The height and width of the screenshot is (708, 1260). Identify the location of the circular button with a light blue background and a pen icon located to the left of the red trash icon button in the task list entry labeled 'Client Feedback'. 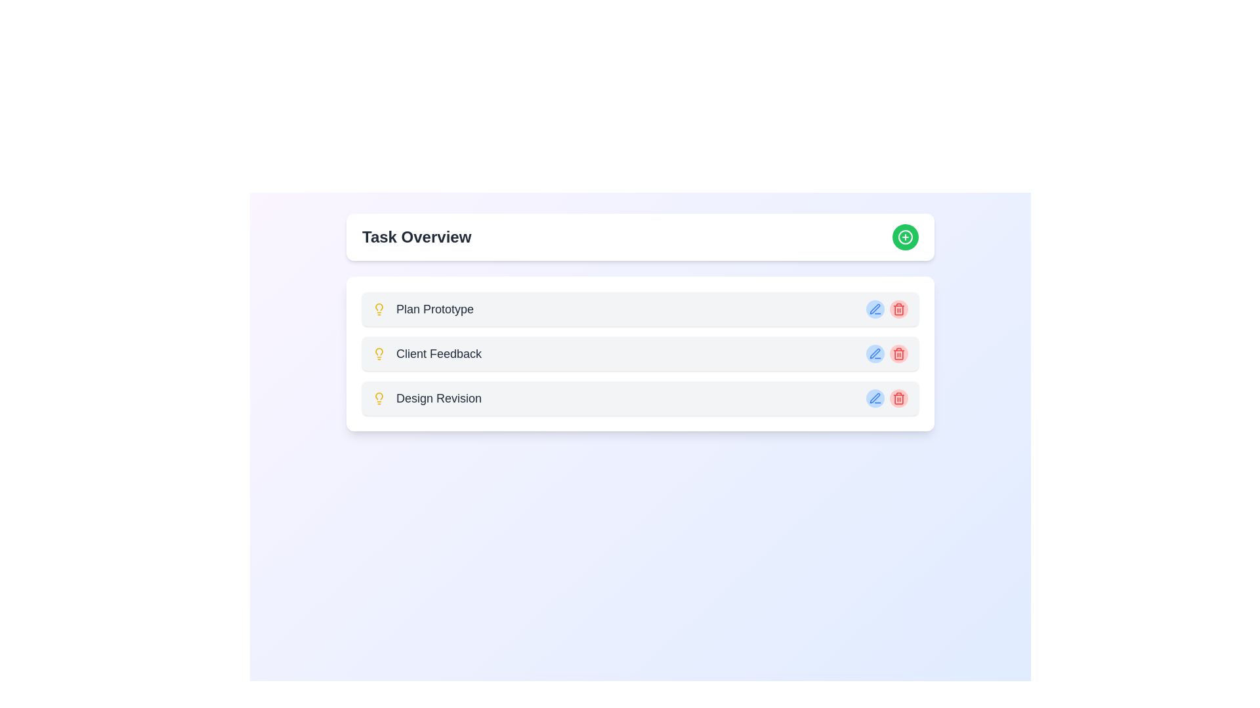
(875, 354).